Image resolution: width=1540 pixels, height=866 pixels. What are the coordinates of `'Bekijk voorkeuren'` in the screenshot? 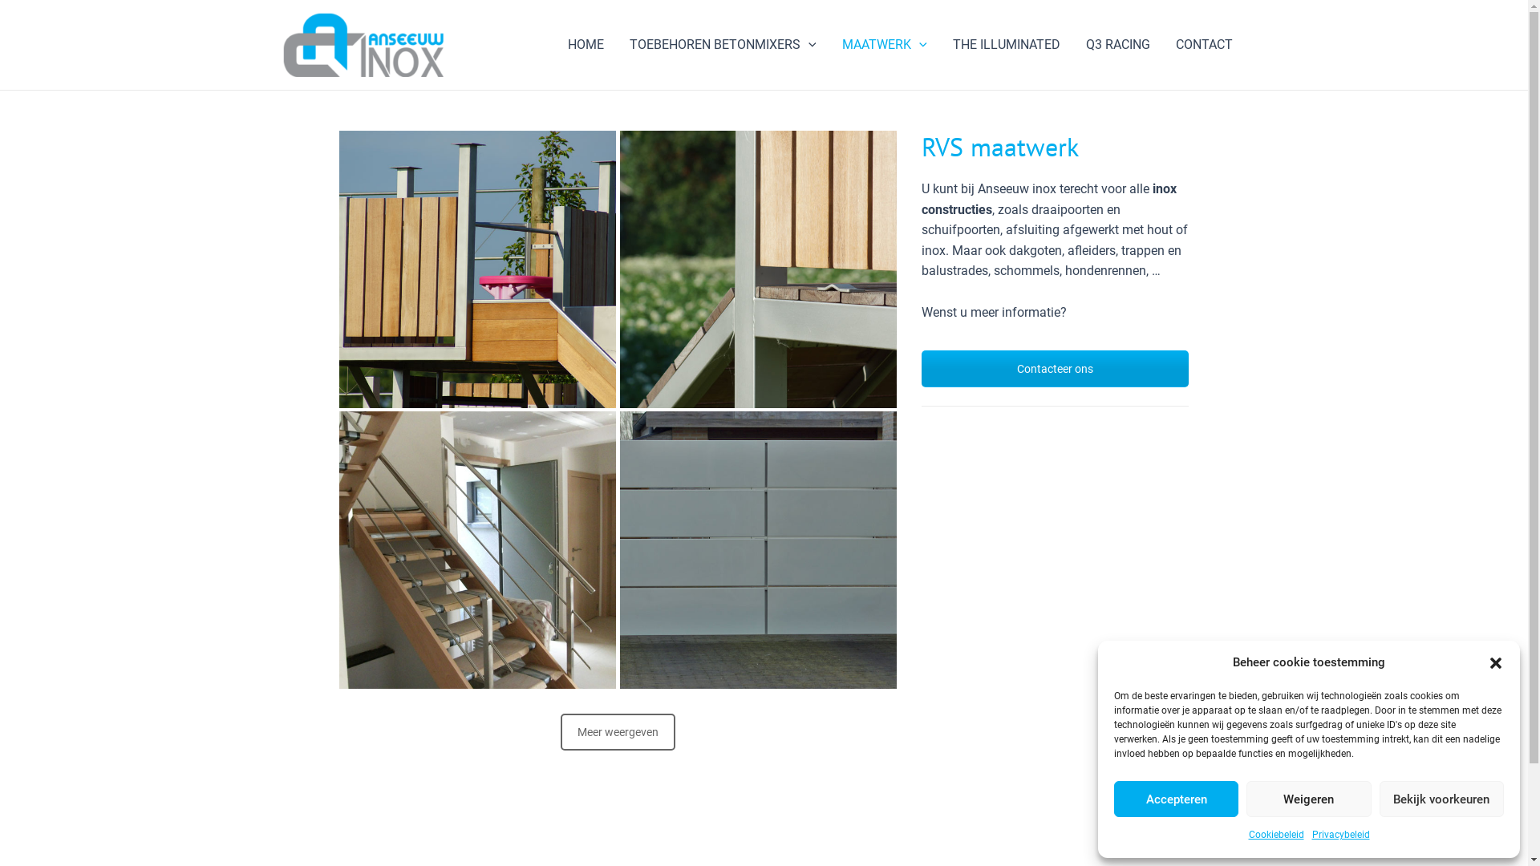 It's located at (1378, 799).